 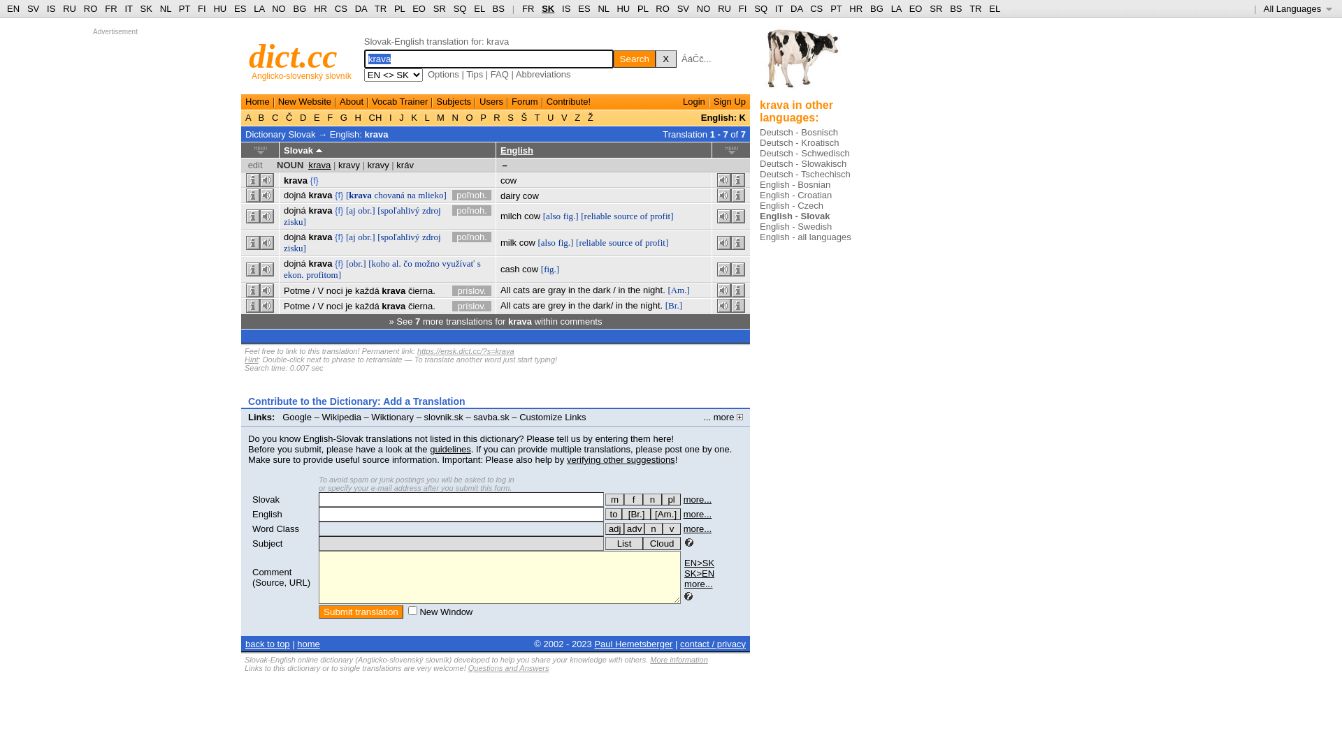 I want to click on 'All Languages ', so click(x=1297, y=8).